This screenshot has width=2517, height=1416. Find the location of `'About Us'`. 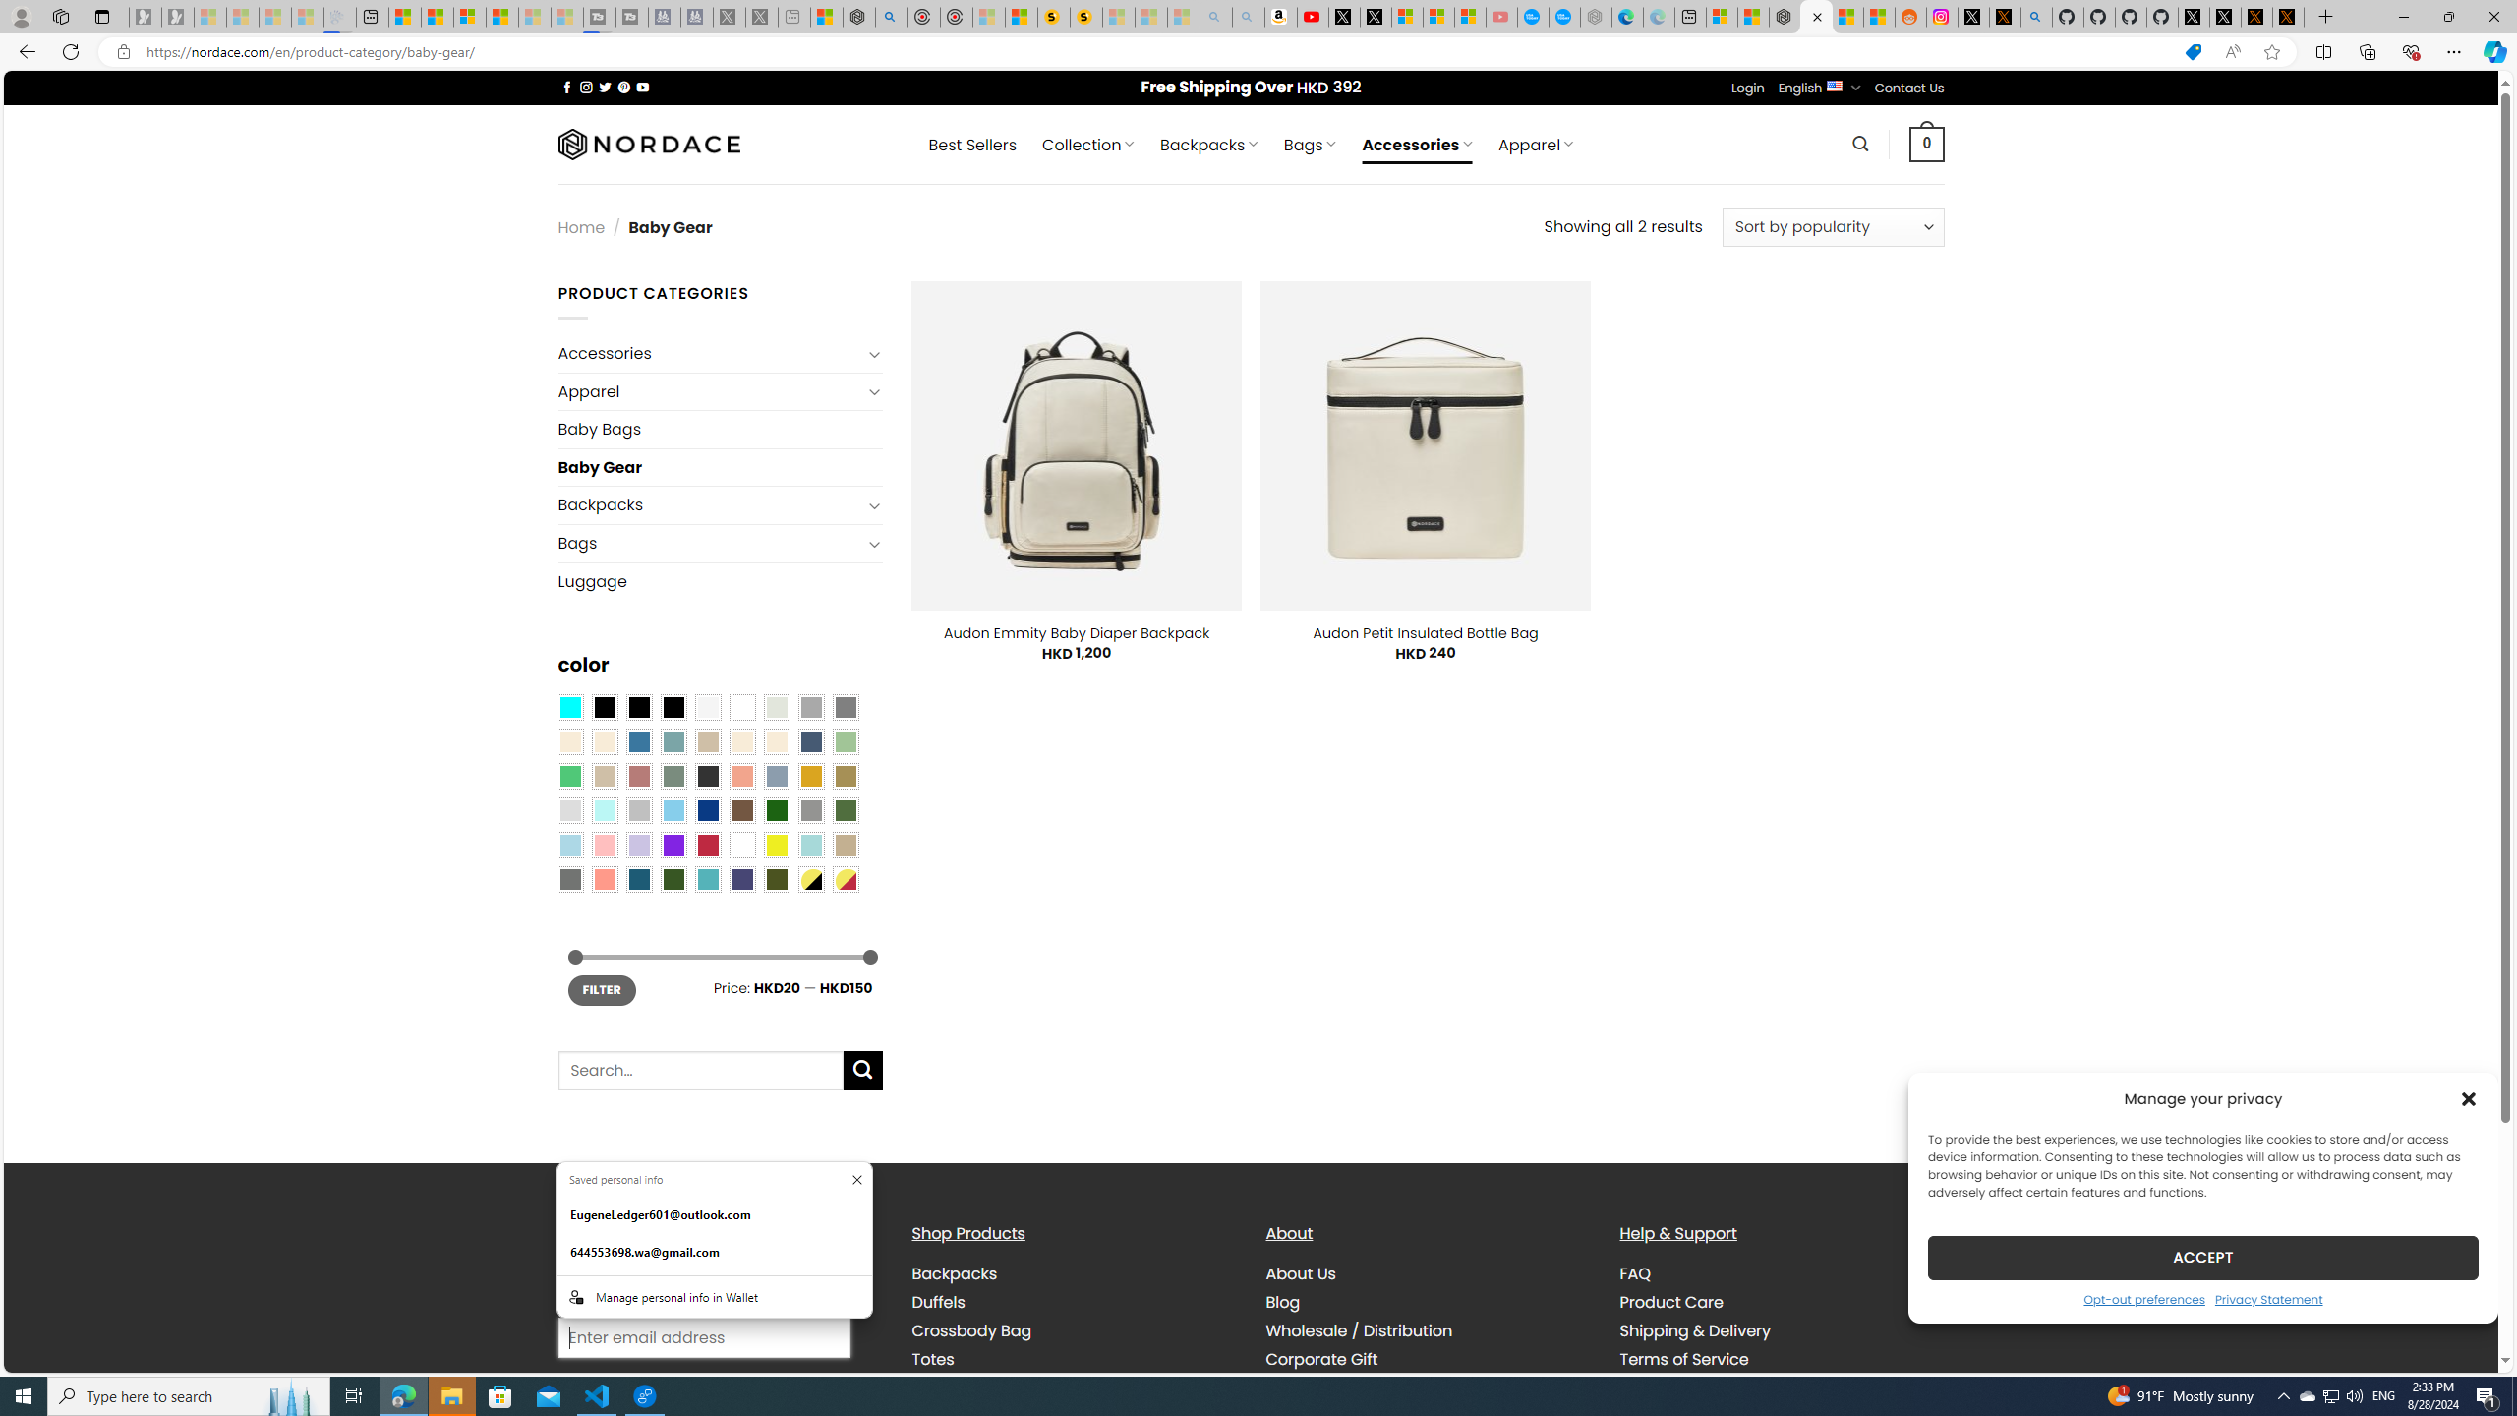

'About Us' is located at coordinates (1300, 1273).